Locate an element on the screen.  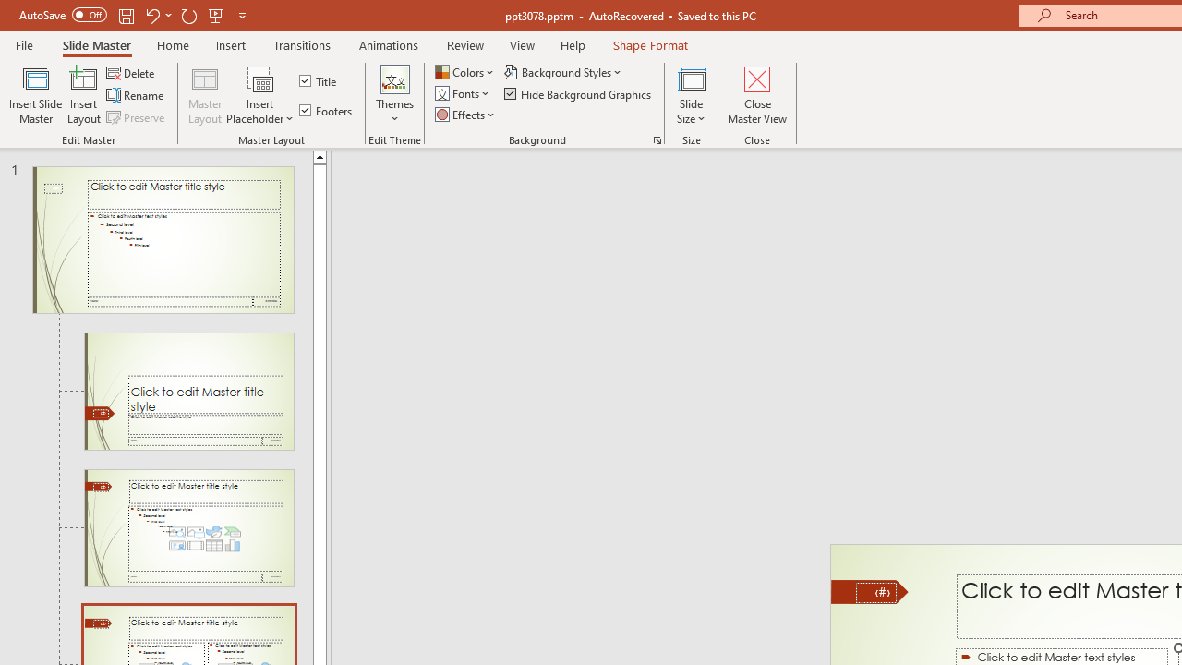
'Close Master View' is located at coordinates (757, 95).